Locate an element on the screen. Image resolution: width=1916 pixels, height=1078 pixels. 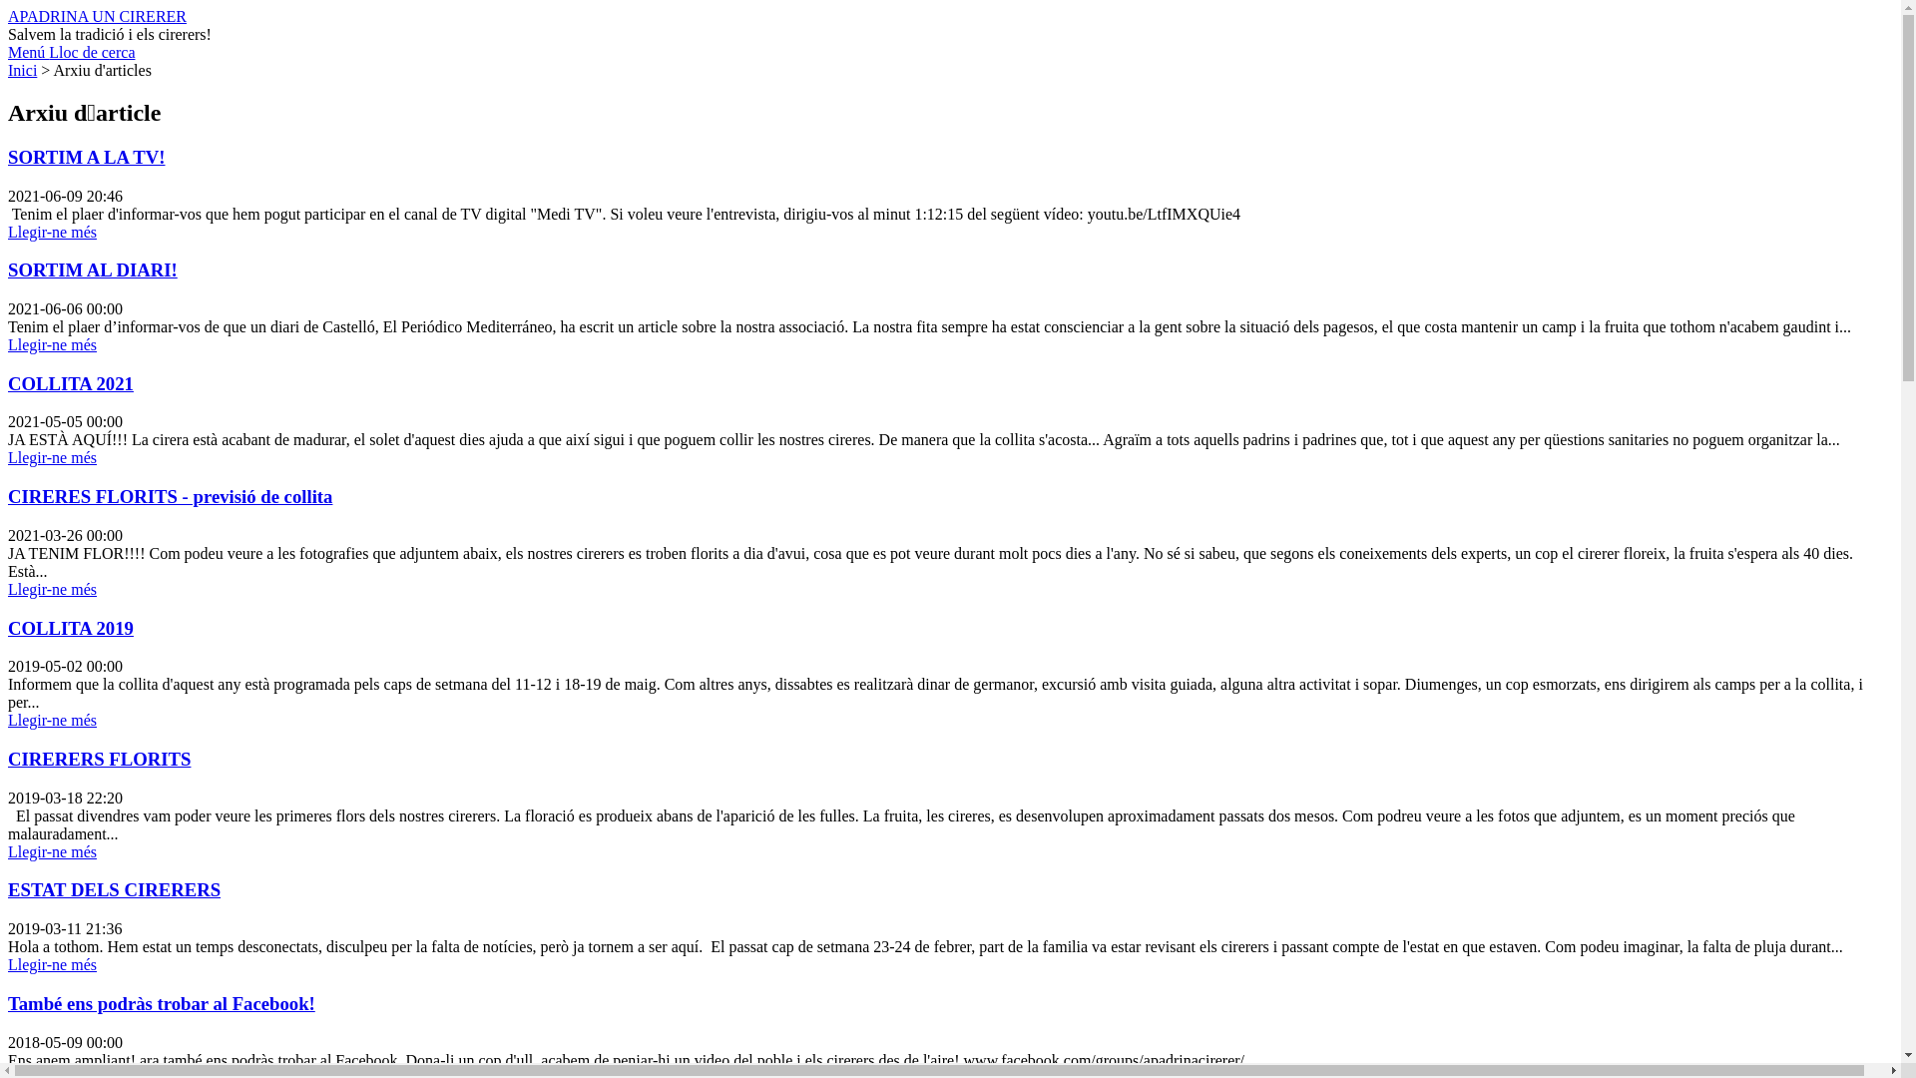
'COLLITA 2021' is located at coordinates (71, 383).